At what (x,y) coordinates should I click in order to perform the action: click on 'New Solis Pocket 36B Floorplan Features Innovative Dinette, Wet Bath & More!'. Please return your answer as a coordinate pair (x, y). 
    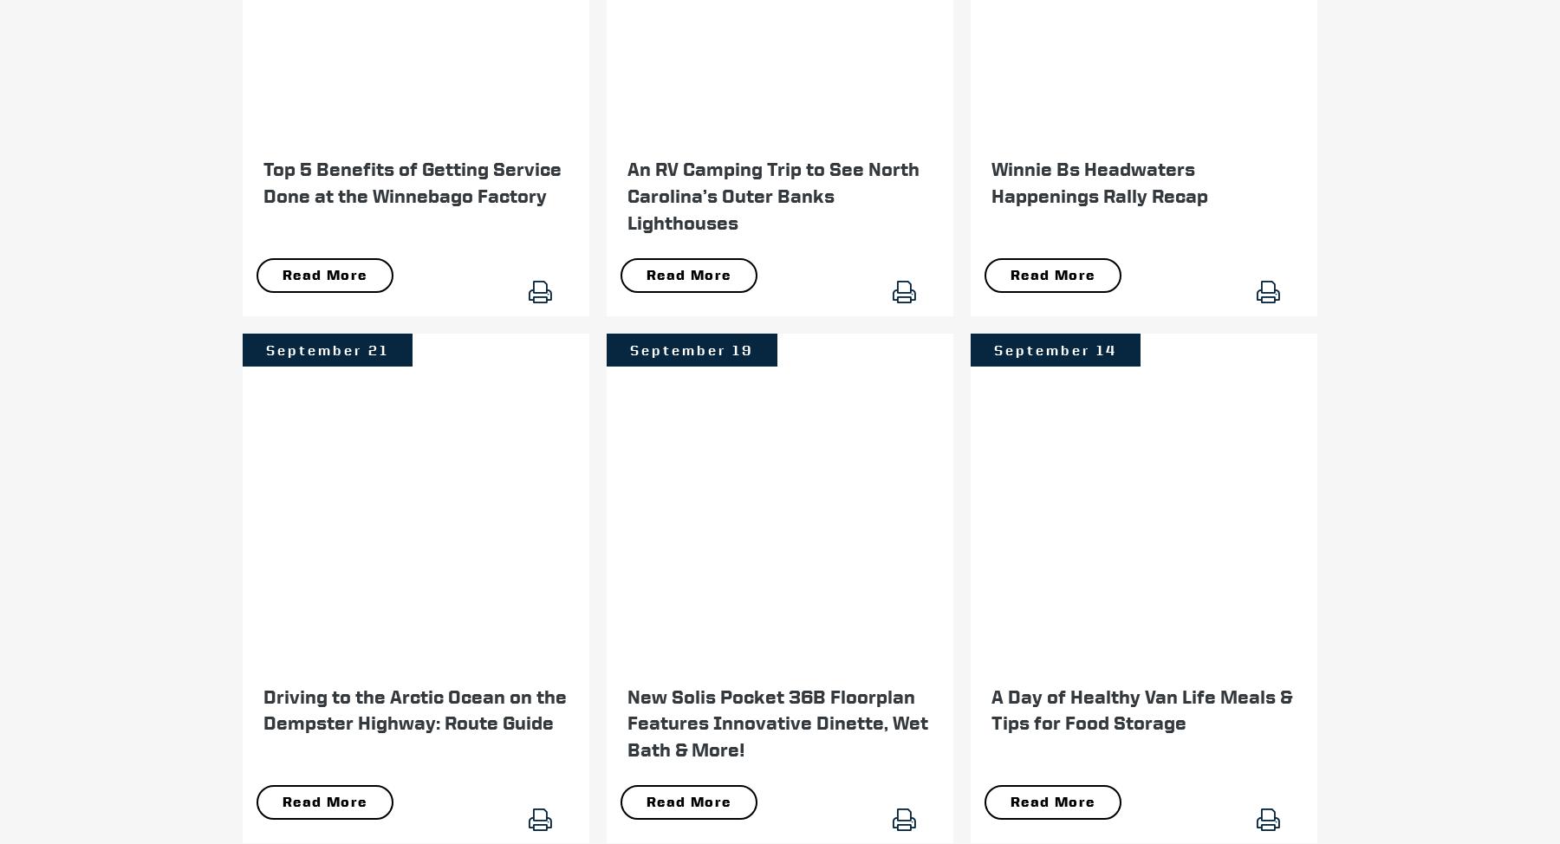
    Looking at the image, I should click on (777, 723).